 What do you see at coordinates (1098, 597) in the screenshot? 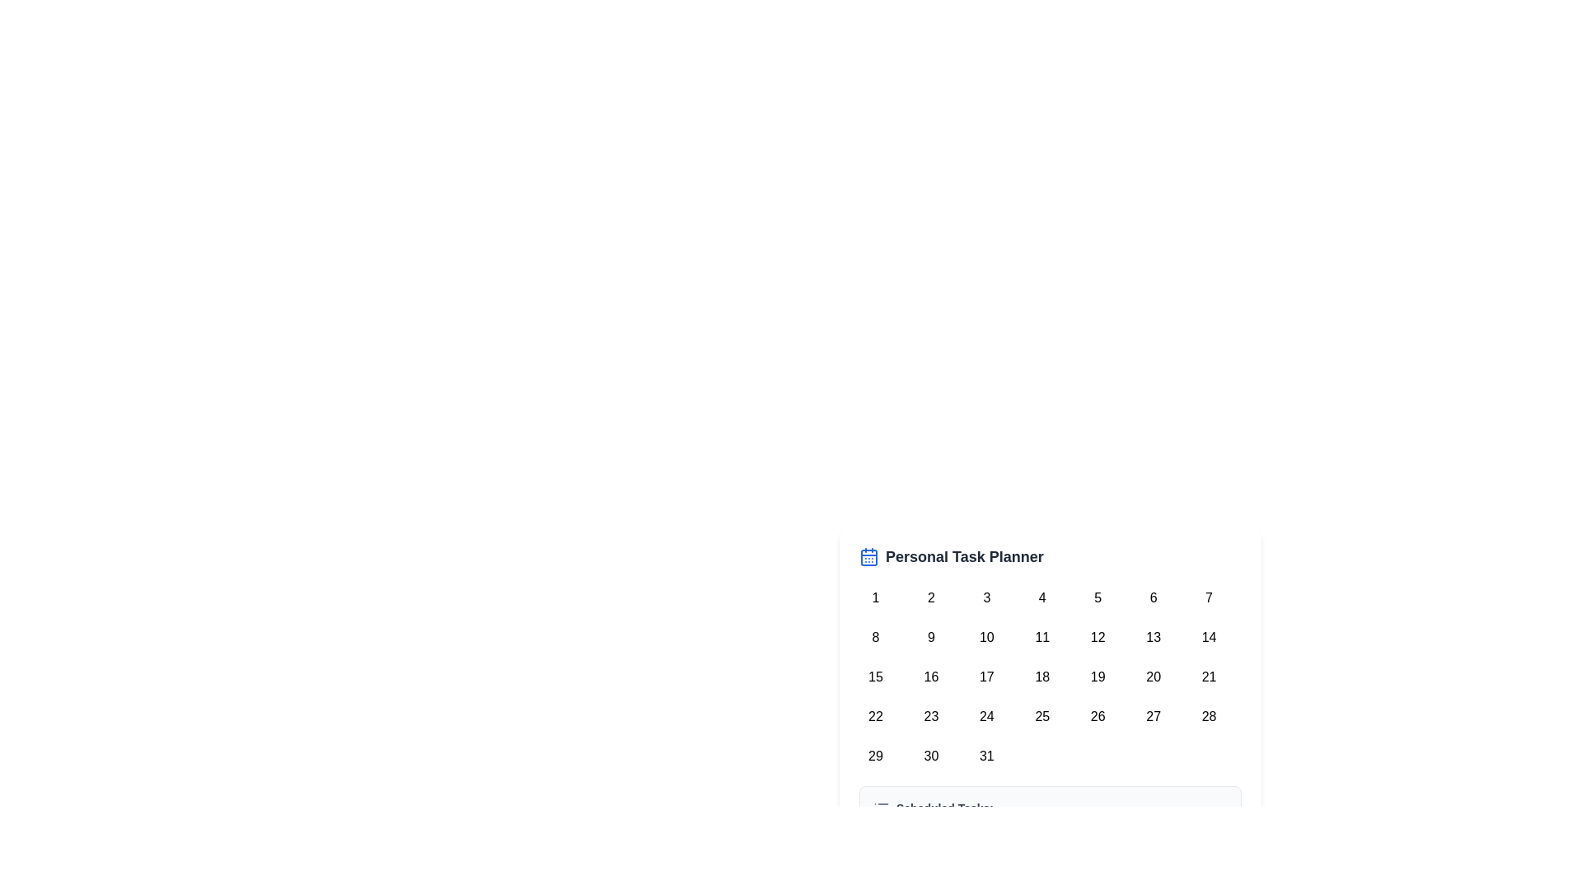
I see `the small, rounded square button with a white background and the number '5'` at bounding box center [1098, 597].